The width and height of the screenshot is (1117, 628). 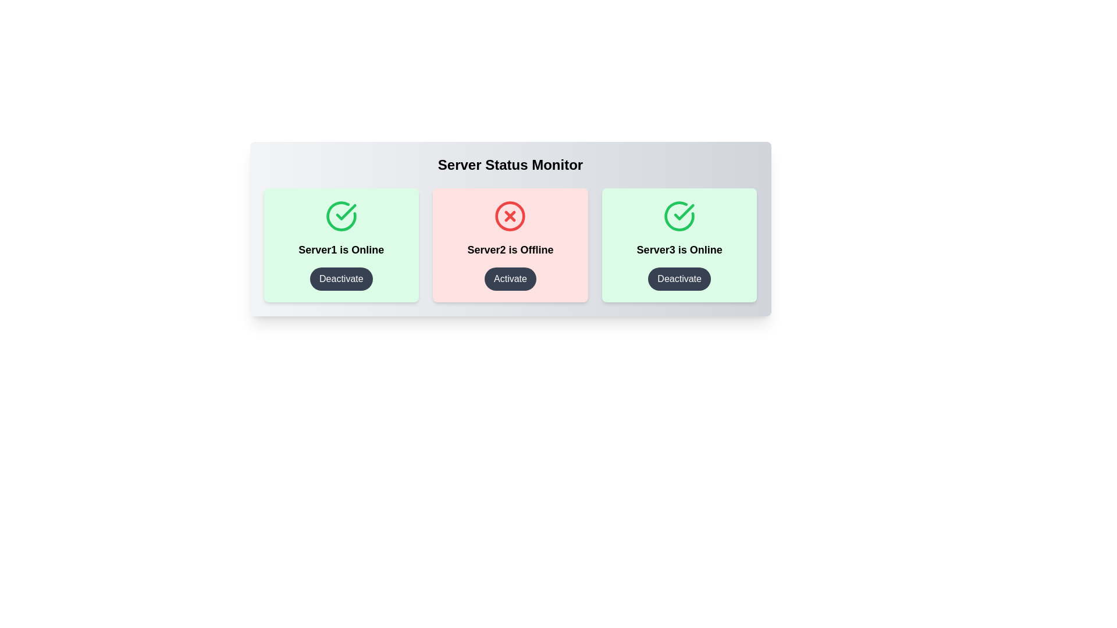 I want to click on the action button for Server1 to toggle its state, so click(x=340, y=279).